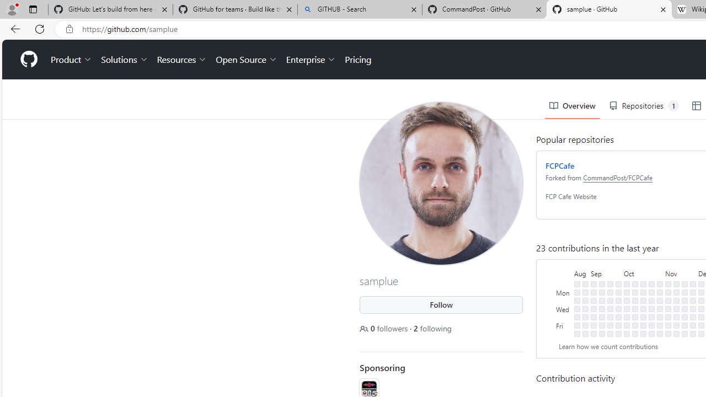 Image resolution: width=706 pixels, height=397 pixels. What do you see at coordinates (358, 60) in the screenshot?
I see `'Pricing'` at bounding box center [358, 60].